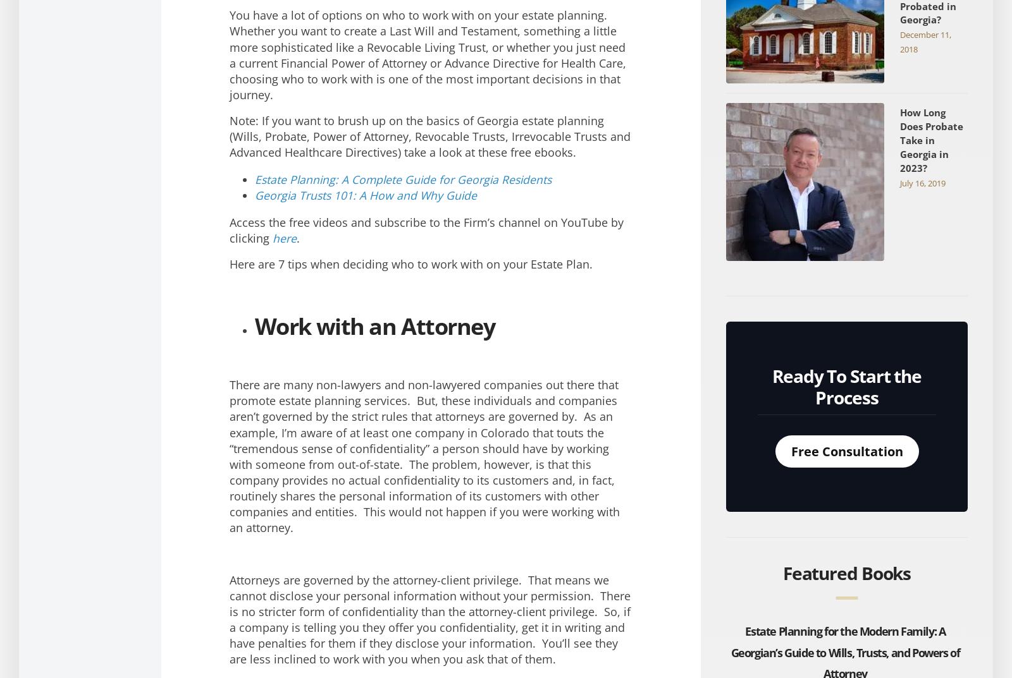  Describe the element at coordinates (429, 136) in the screenshot. I see `'Note: If you want to brush up on the basics of Georgia estate planning (Wills, Probate, Power of Attorney, Revocable Trusts, Irrevocable Trusts and Advanced Healthcare Directives) take a look at these free ebooks.'` at that location.